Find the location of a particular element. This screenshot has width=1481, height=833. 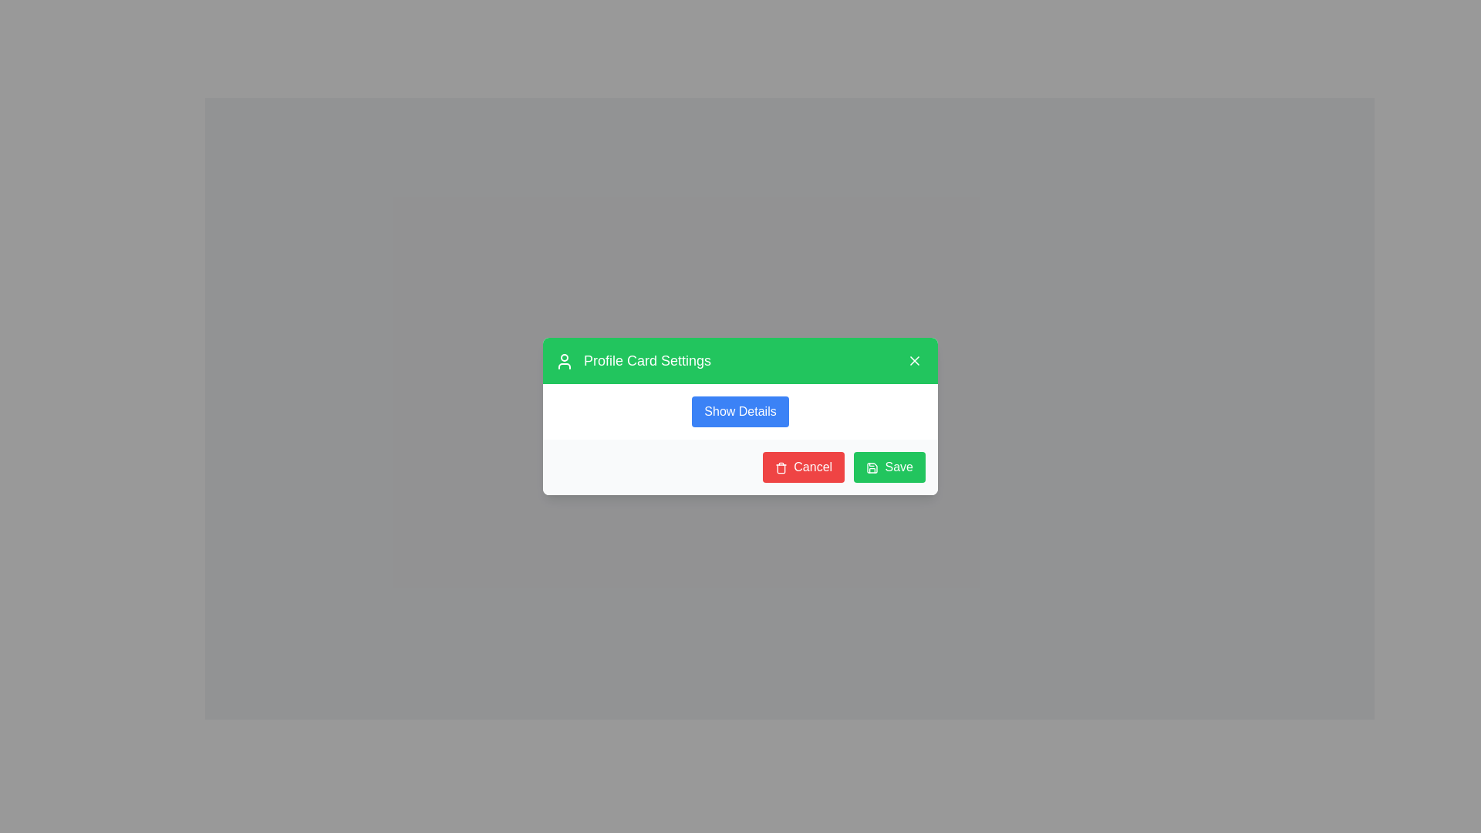

the user avatar icon SVG graphic element located in the top-left corner of the modal dialog box, positioned to the left of the text 'Profile Card Settings' is located at coordinates (563, 362).